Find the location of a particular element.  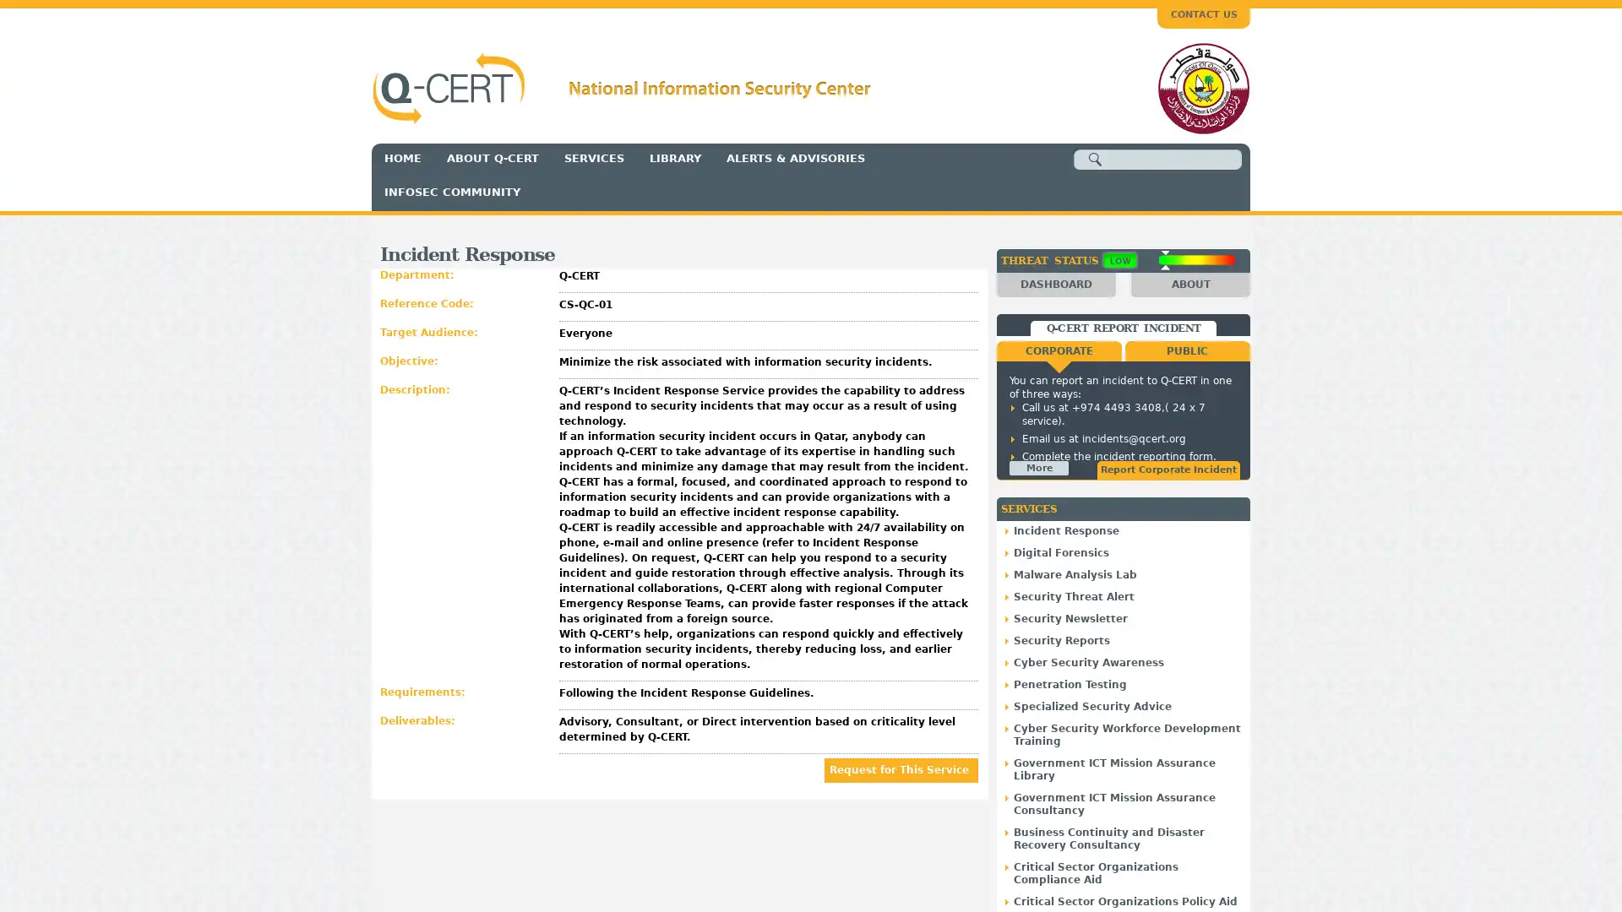

Request for This Service is located at coordinates (900, 769).